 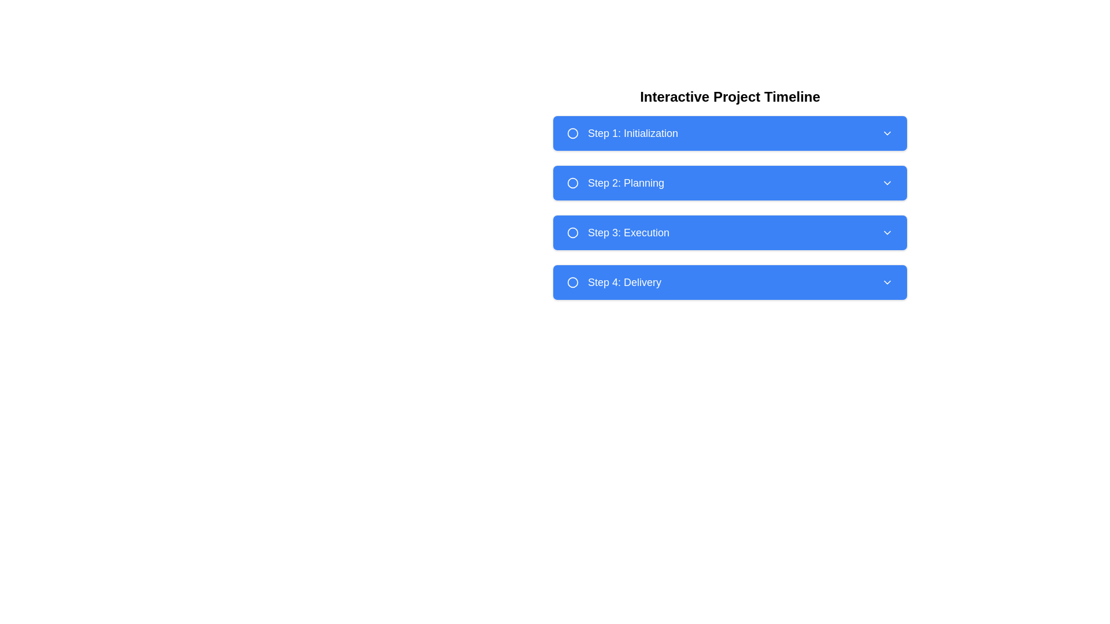 I want to click on the third step indicator in the multi-step process interface, which is a button-like component with rounded corners containing text and an icon, so click(x=617, y=232).